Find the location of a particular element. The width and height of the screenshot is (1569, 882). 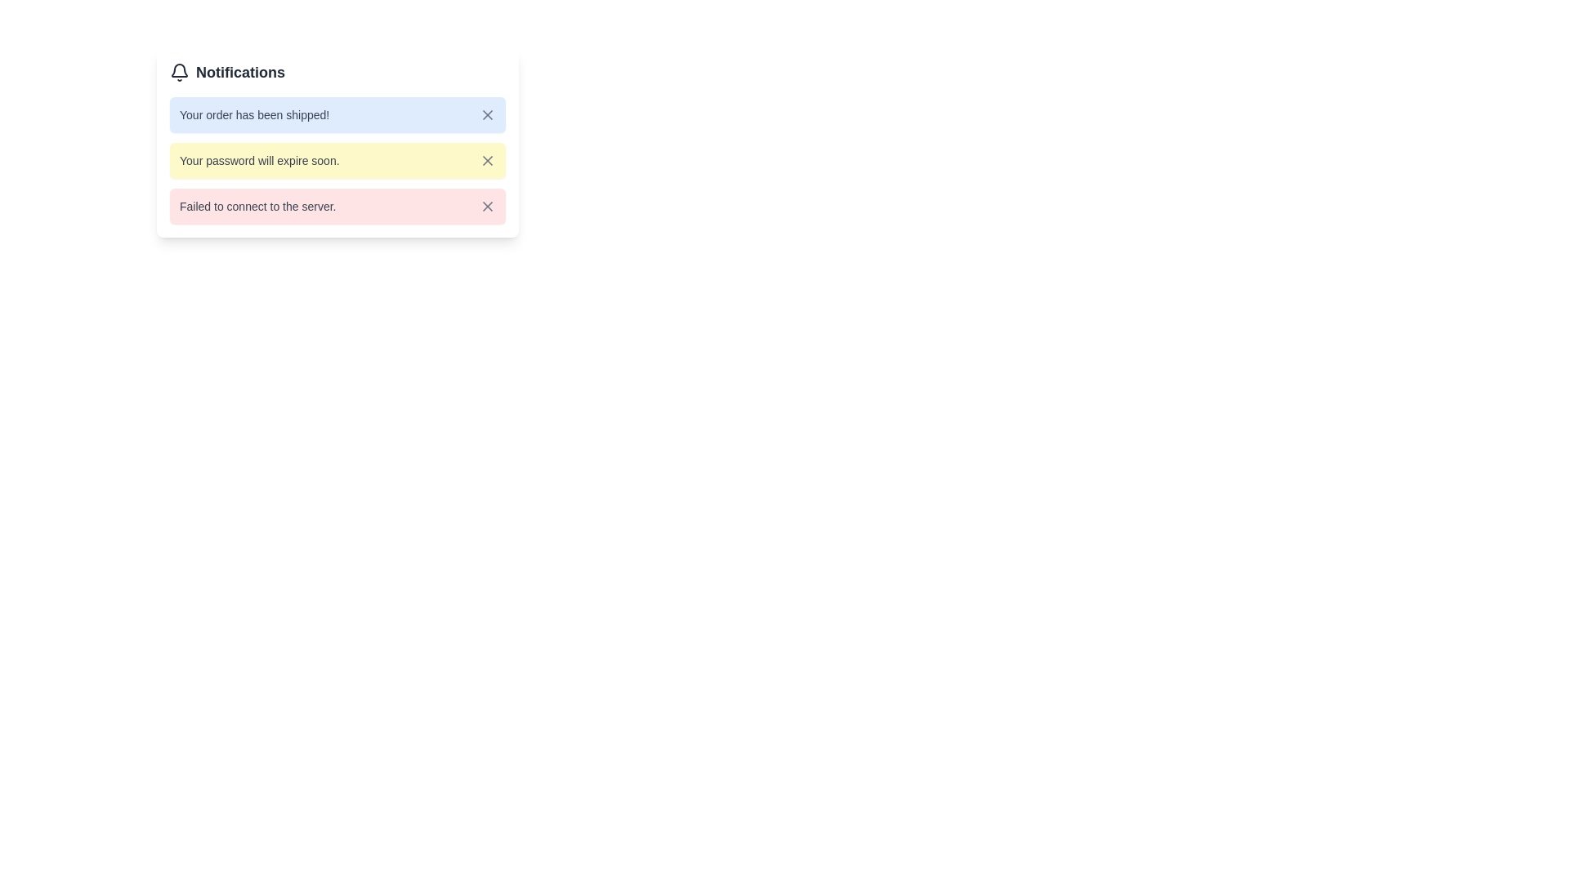

the 'X' icon used to indicate a close or dismiss functionality in the notification section, which is positioned to the right of the notification item titled 'Your password will expire soon.' is located at coordinates (486, 114).